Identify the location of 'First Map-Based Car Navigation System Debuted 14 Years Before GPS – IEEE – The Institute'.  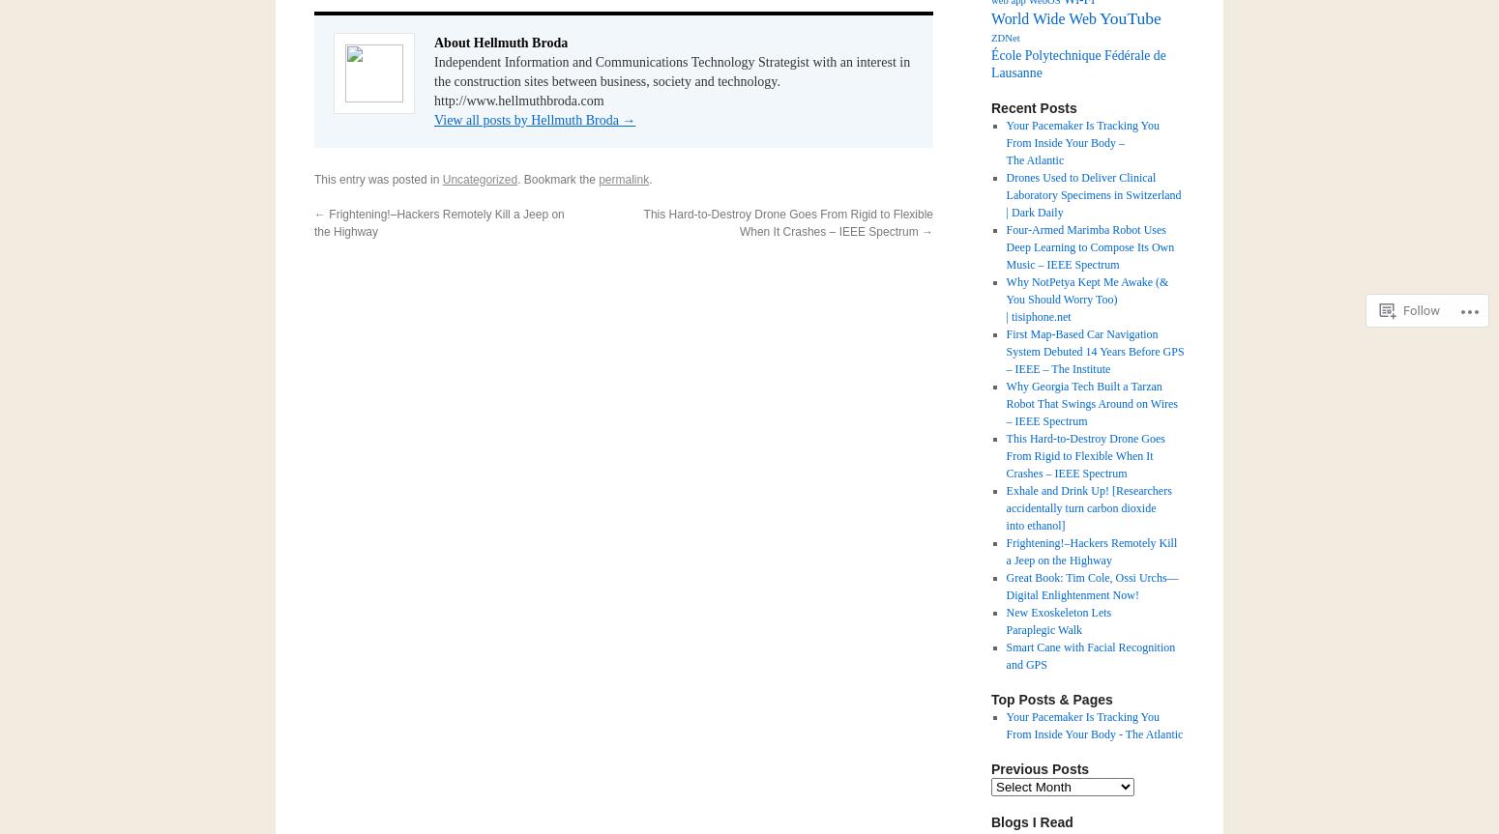
(1006, 352).